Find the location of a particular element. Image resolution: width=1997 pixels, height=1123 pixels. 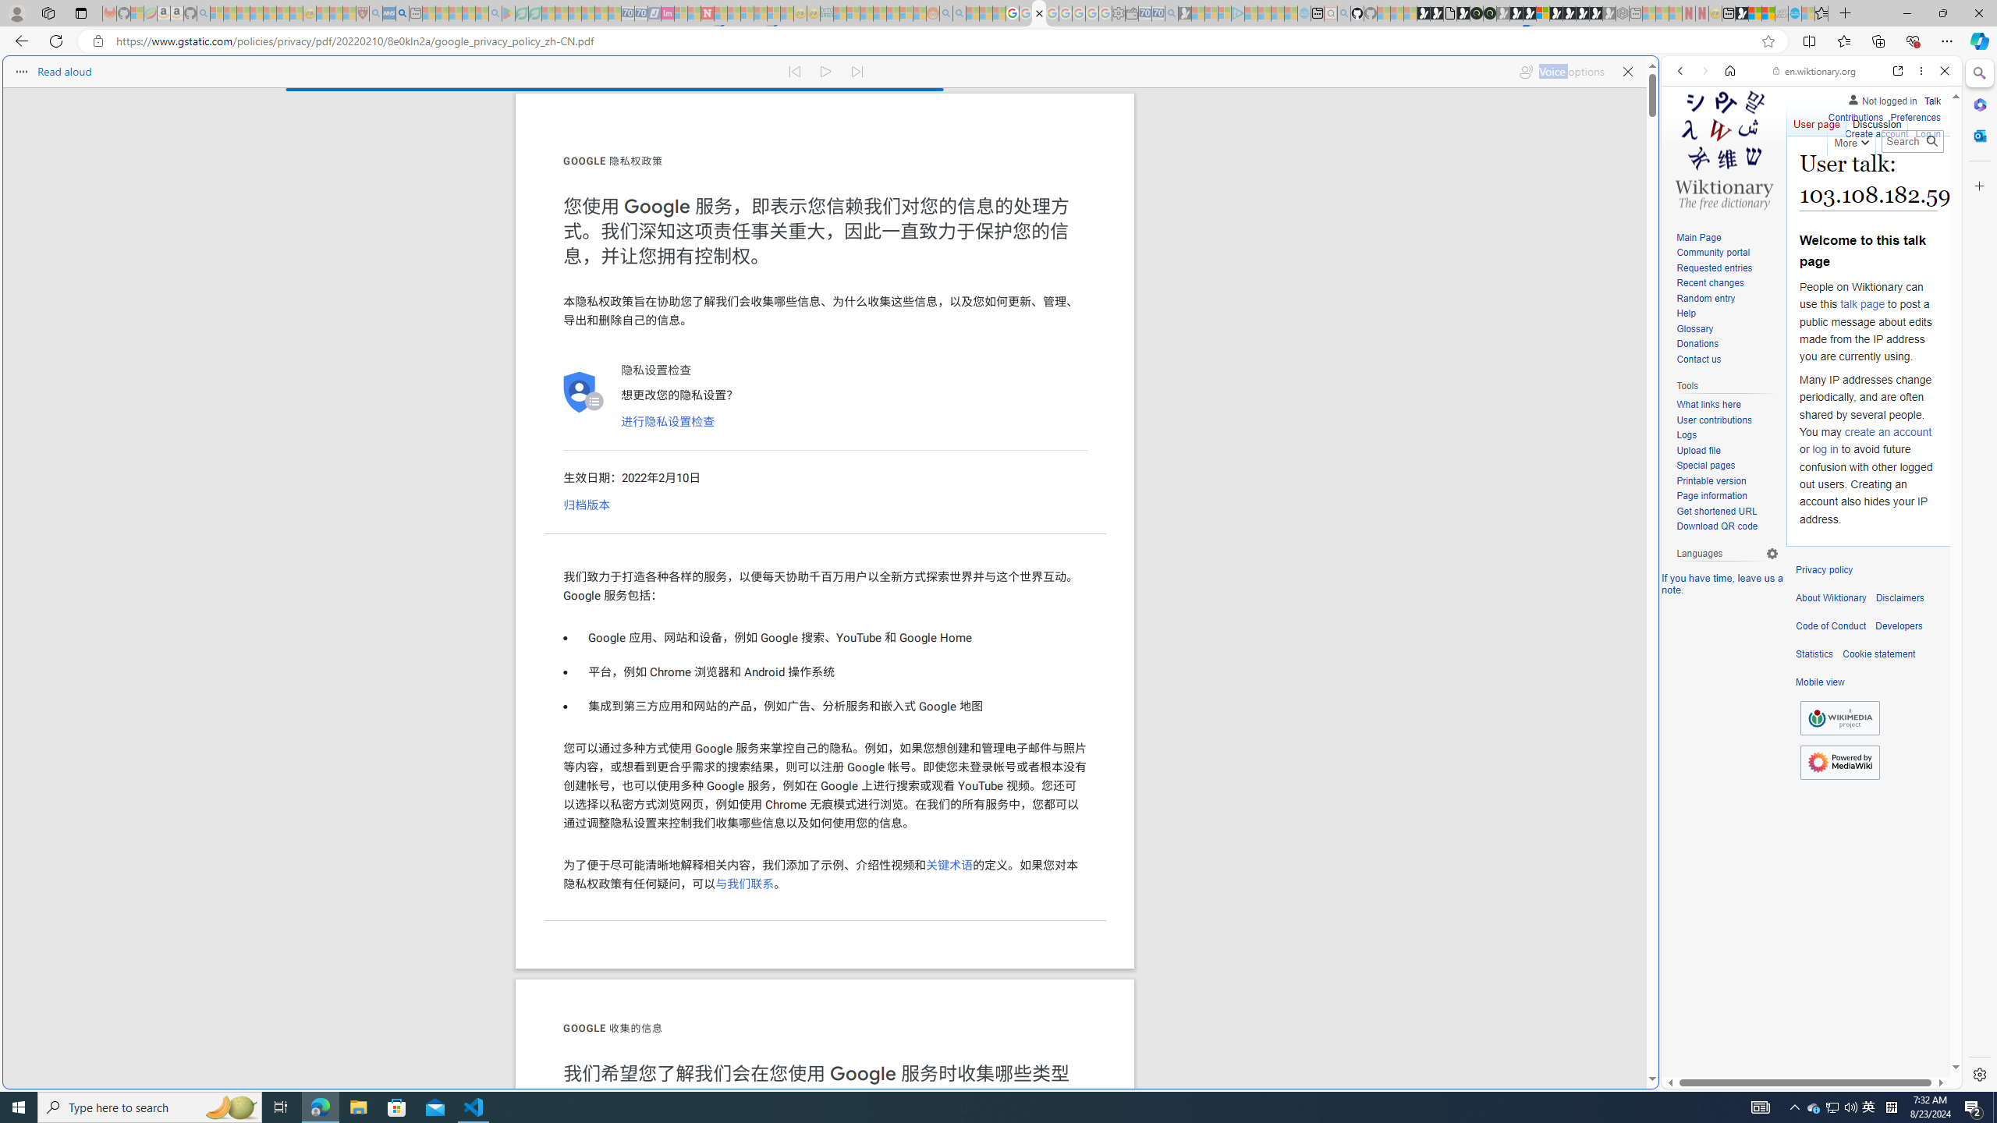

'Mobile view' is located at coordinates (1819, 682).